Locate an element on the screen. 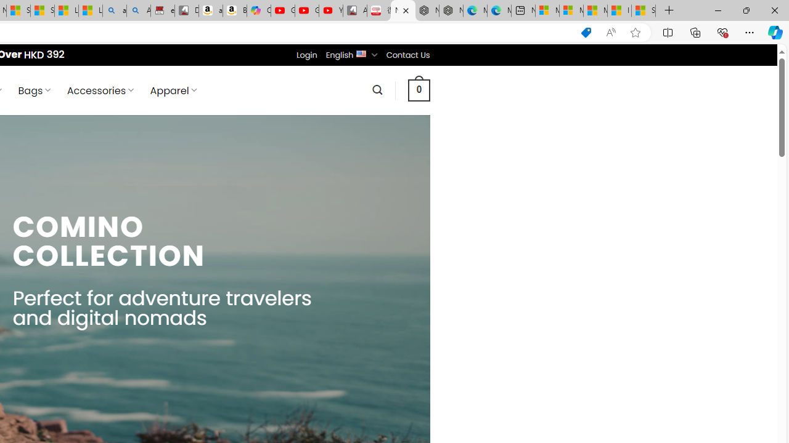  'Gloom - YouTube' is located at coordinates (306, 10).